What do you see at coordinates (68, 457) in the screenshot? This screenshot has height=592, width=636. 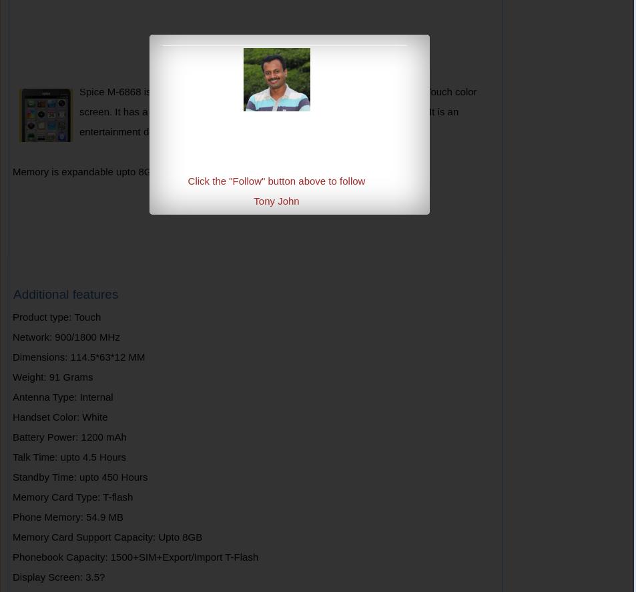 I see `'Talk Time: upto 4.5 Hours'` at bounding box center [68, 457].